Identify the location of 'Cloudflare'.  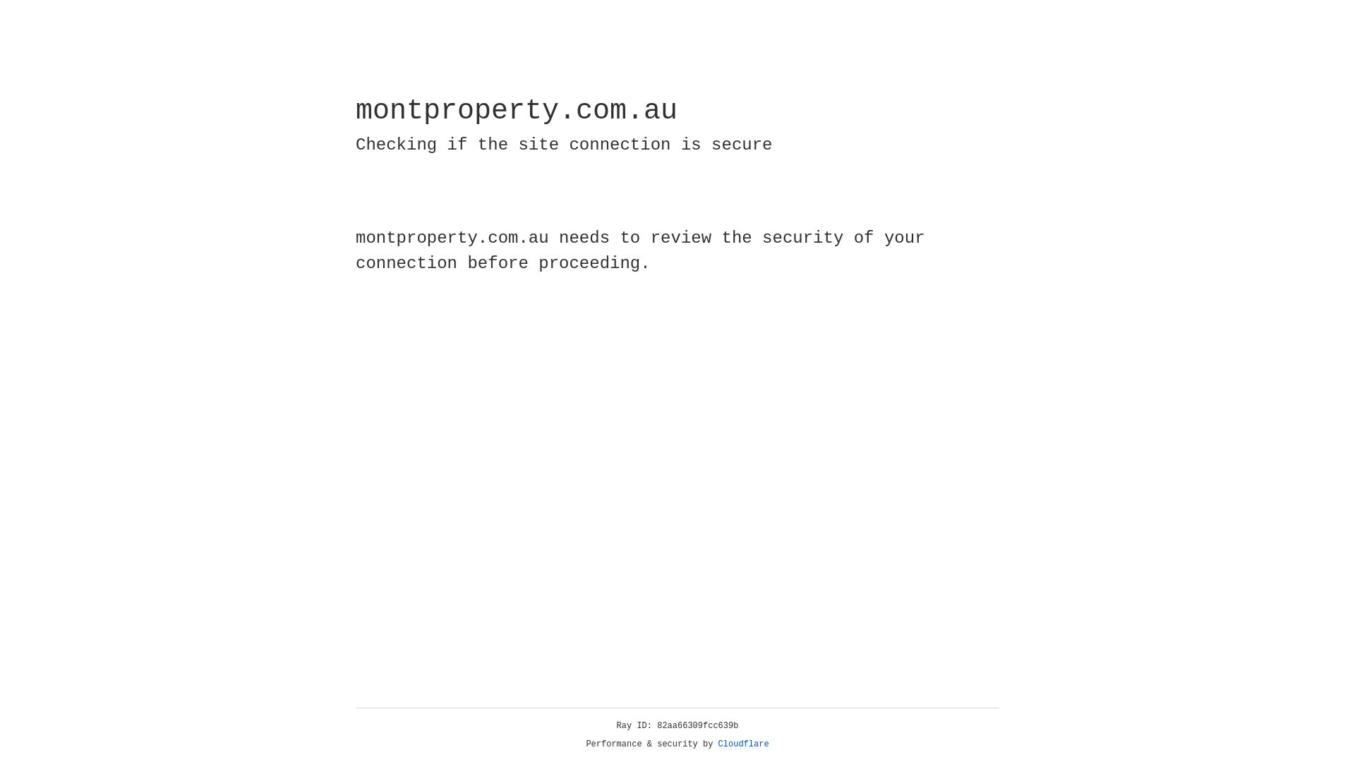
(743, 744).